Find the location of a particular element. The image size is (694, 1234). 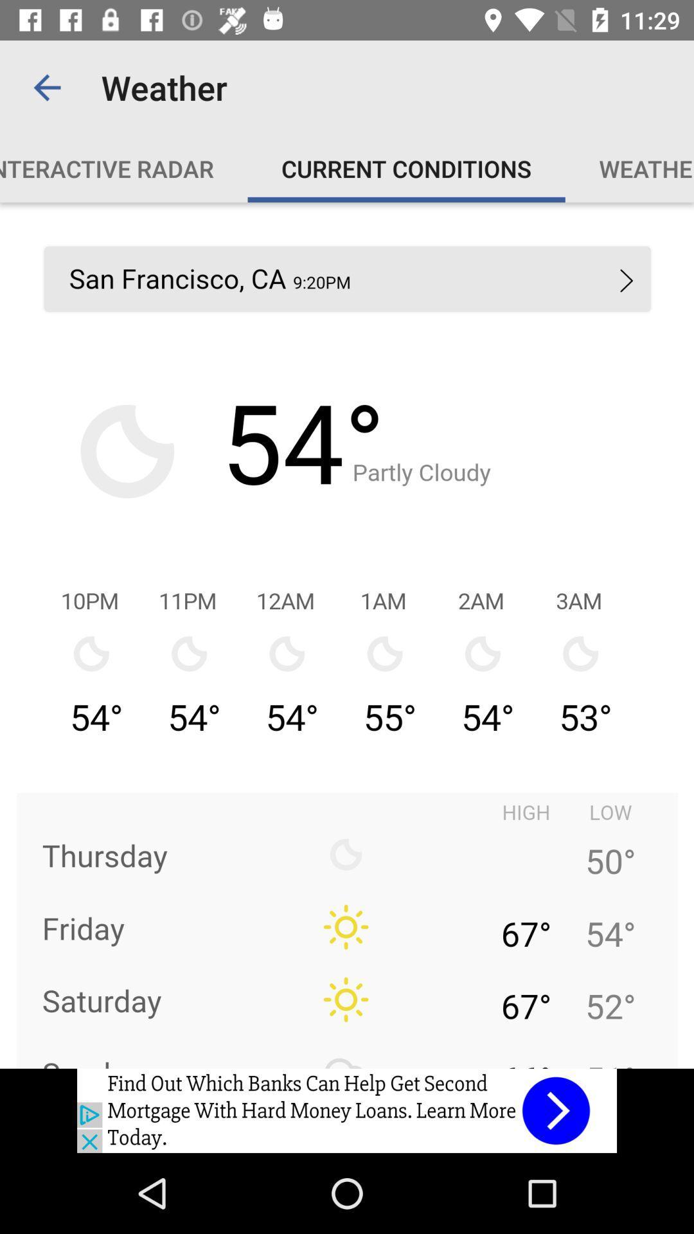

back is located at coordinates (347, 1110).